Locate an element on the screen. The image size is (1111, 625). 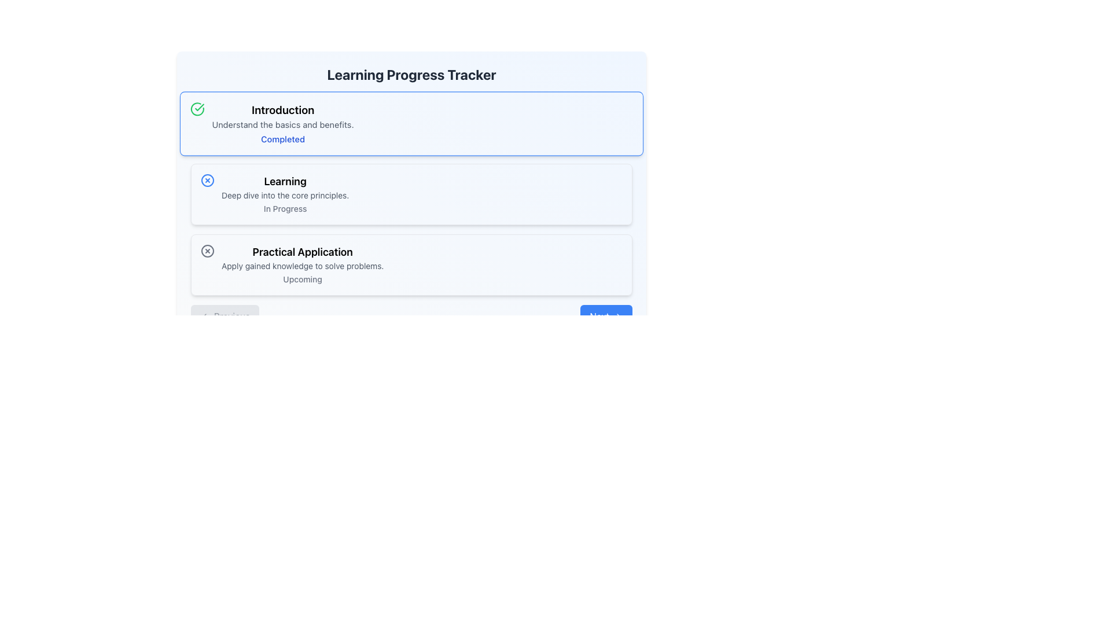
the text label displaying 'Completed' in blue color, located in the 'Introduction' section is located at coordinates (283, 138).